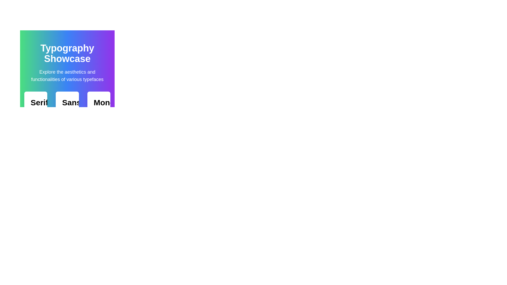  I want to click on the textual block displaying the sentence 'Explore the aesthetics and functionalities of various typefaces', located below the 'Typography Showcase' heading, so click(67, 75).